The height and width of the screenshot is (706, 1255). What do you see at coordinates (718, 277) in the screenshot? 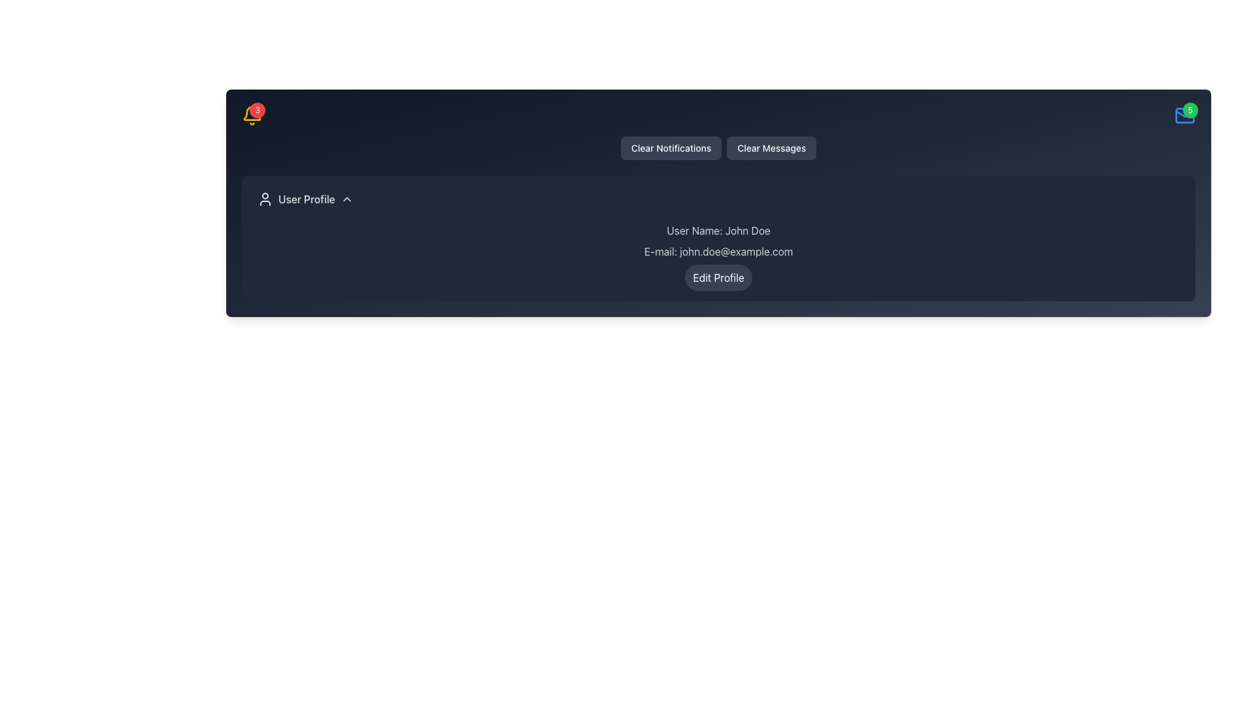
I see `the button located beneath the email address text 'E-mail: john.doe@example.com' to initiate profile editing` at bounding box center [718, 277].